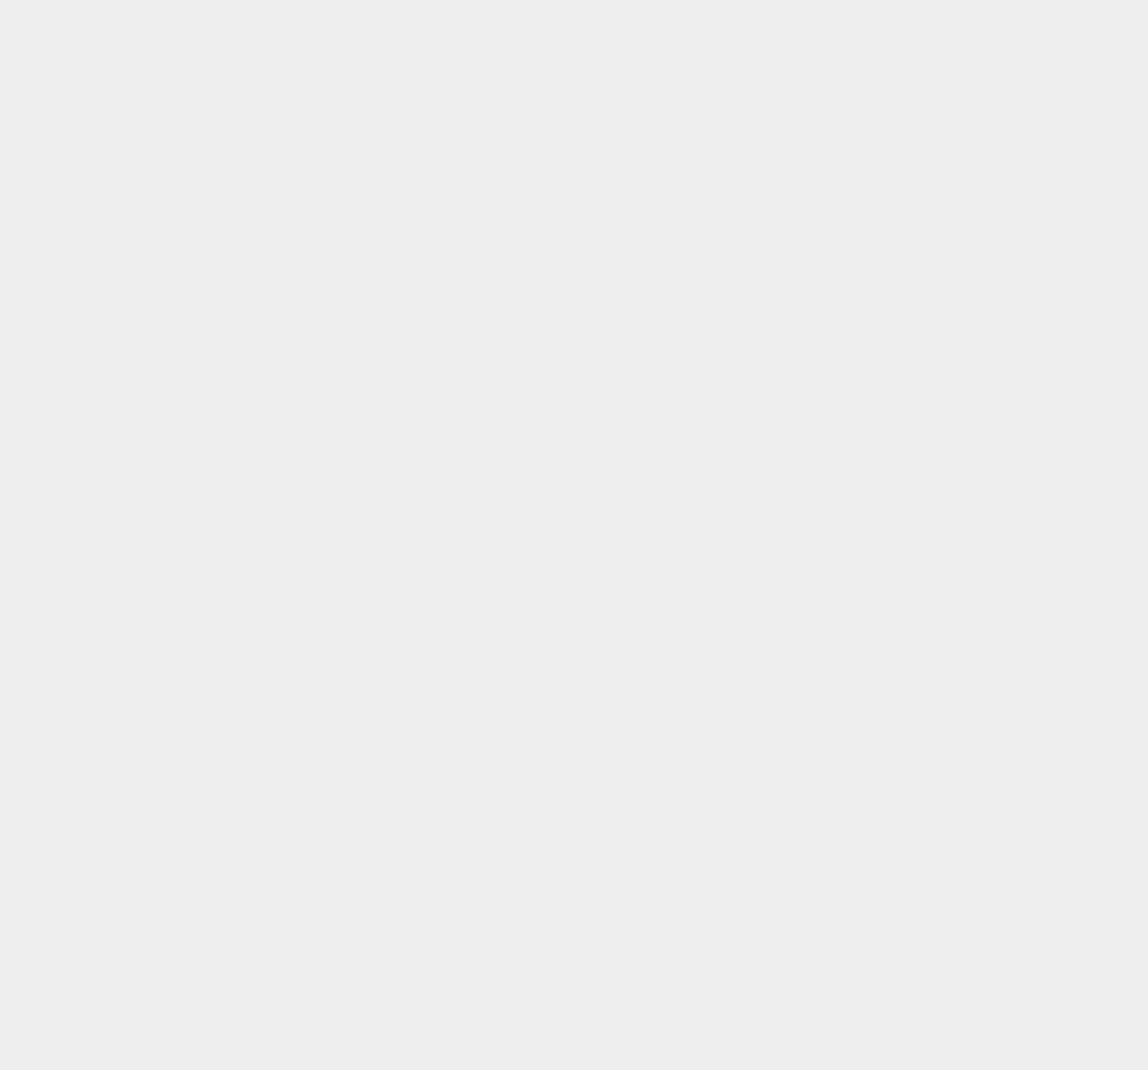 The width and height of the screenshot is (1148, 1070). Describe the element at coordinates (867, 1025) in the screenshot. I see `'Social Media Tools'` at that location.